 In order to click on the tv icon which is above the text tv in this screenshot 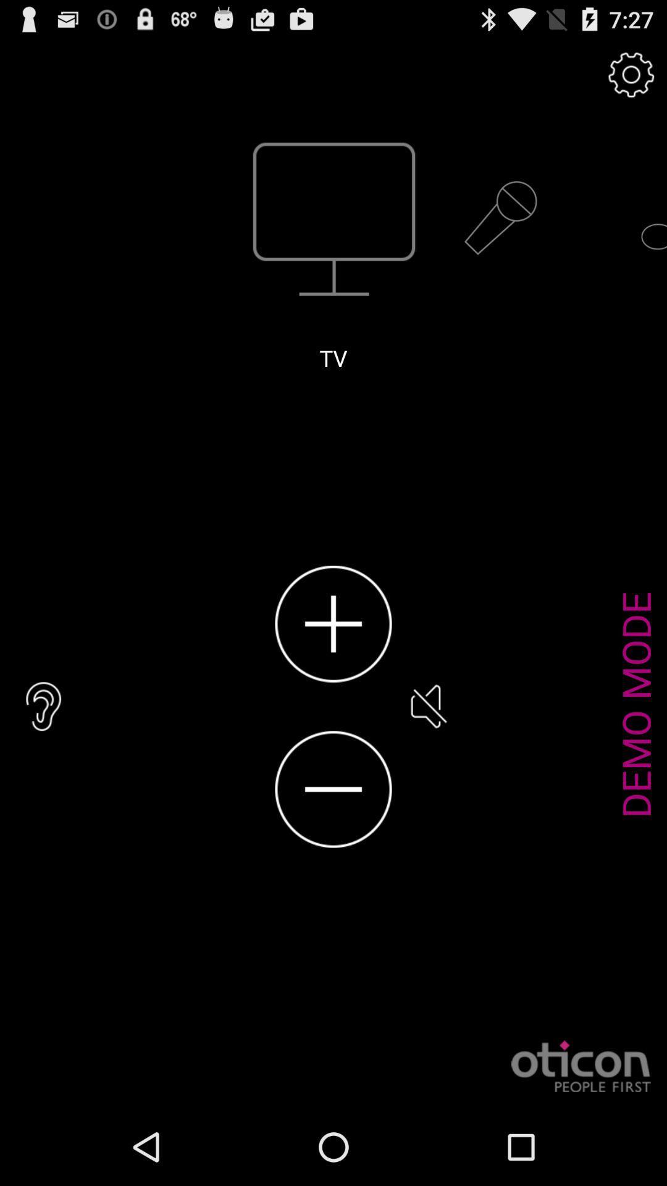, I will do `click(333, 219)`.